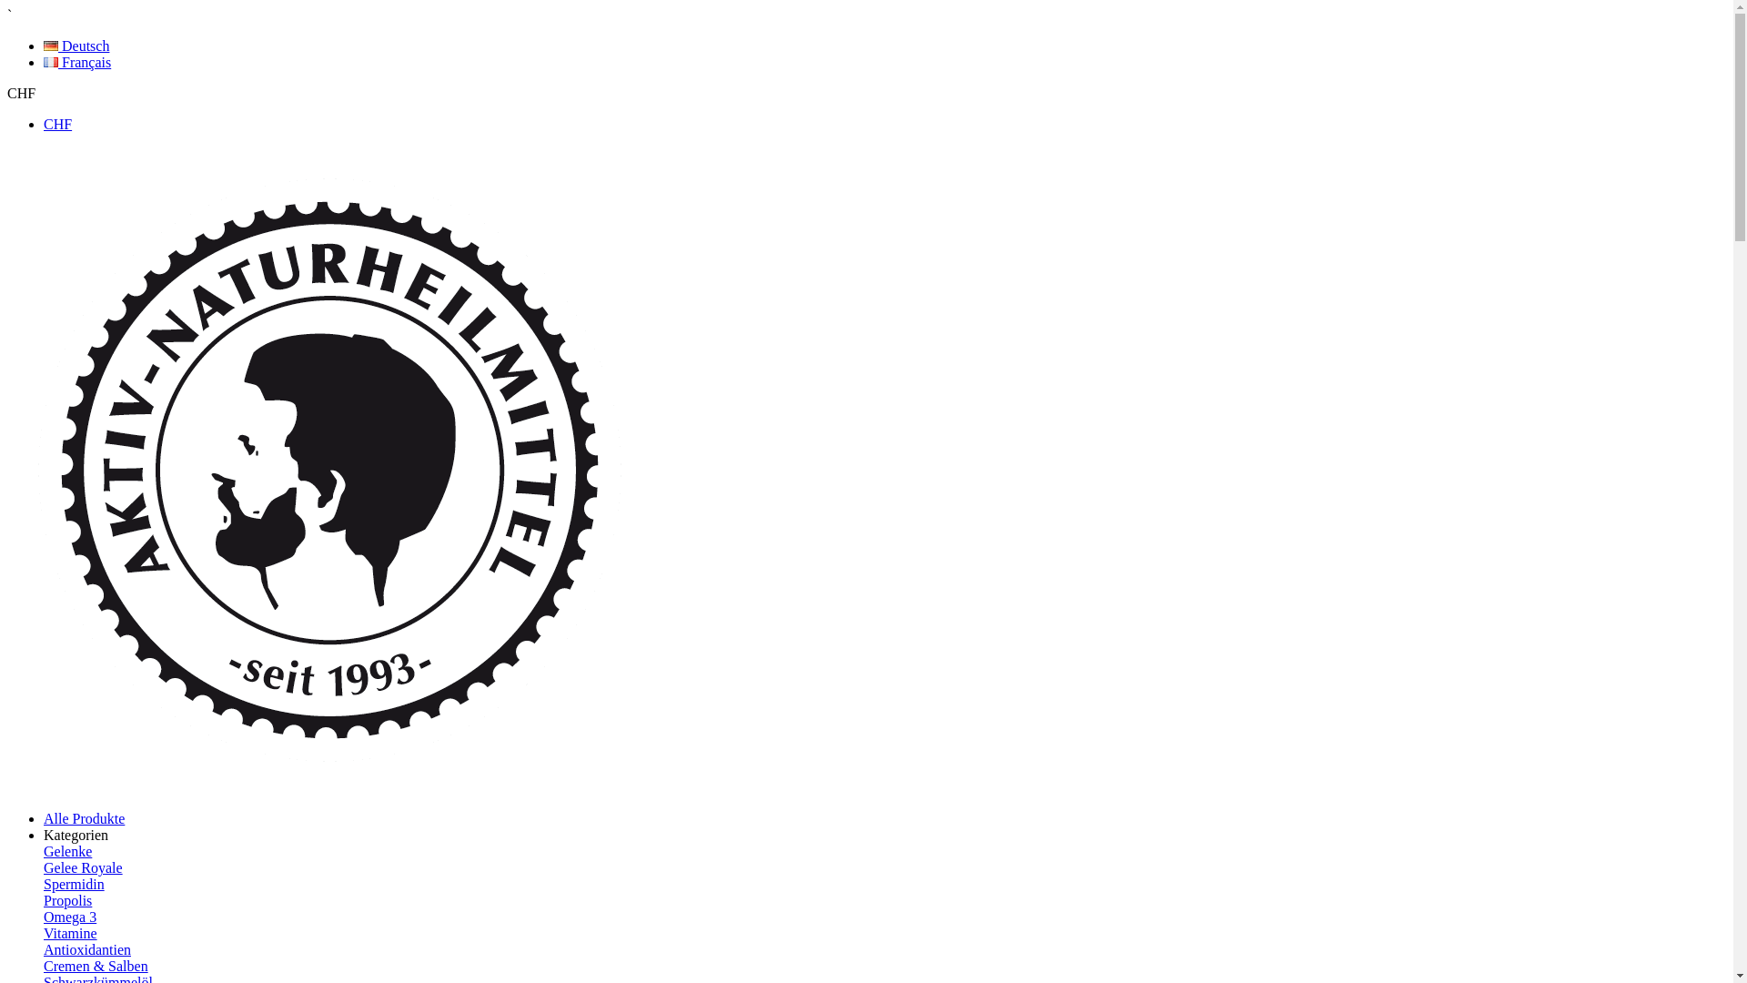 Image resolution: width=1747 pixels, height=983 pixels. I want to click on 'Gelenke', so click(67, 851).